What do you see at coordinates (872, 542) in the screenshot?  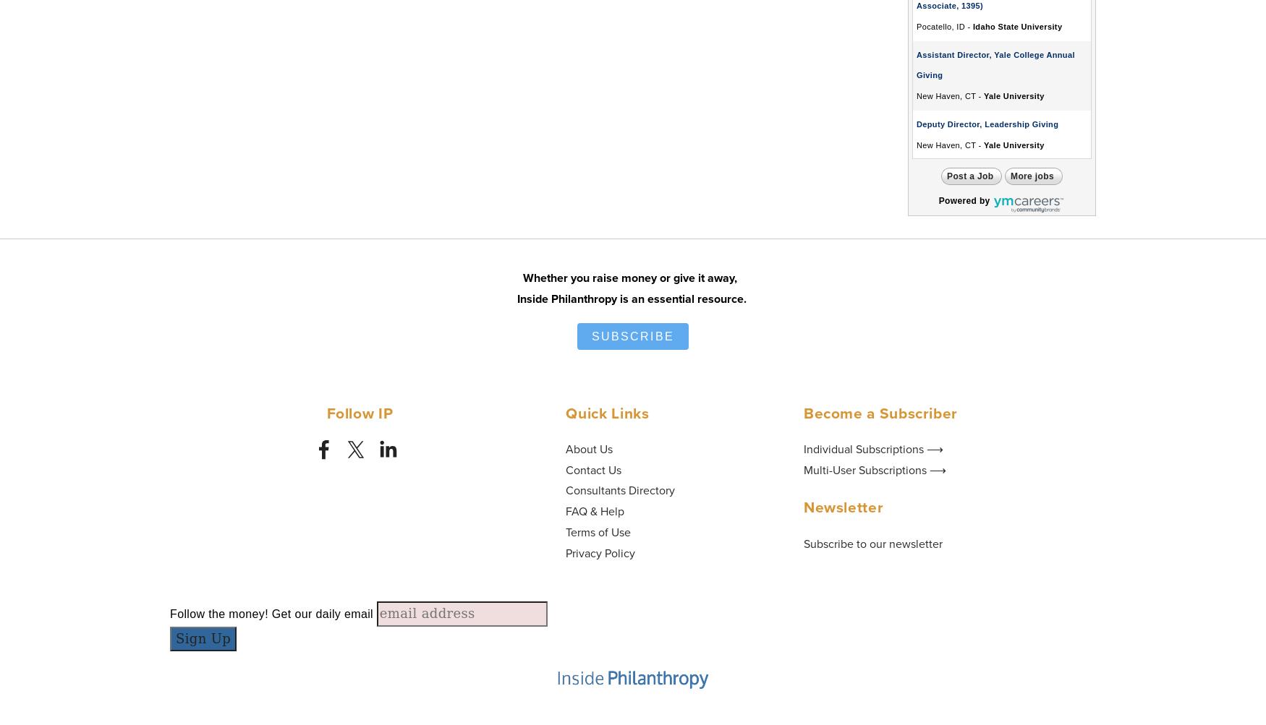 I see `'Subscribe to our newsletter'` at bounding box center [872, 542].